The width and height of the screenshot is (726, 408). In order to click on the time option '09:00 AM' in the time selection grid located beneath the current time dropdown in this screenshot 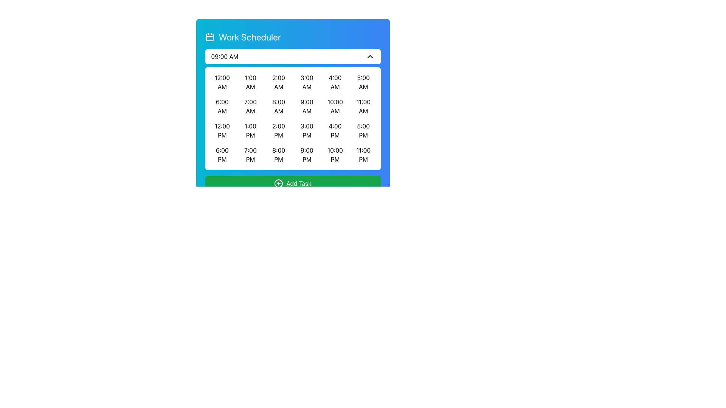, I will do `click(292, 109)`.